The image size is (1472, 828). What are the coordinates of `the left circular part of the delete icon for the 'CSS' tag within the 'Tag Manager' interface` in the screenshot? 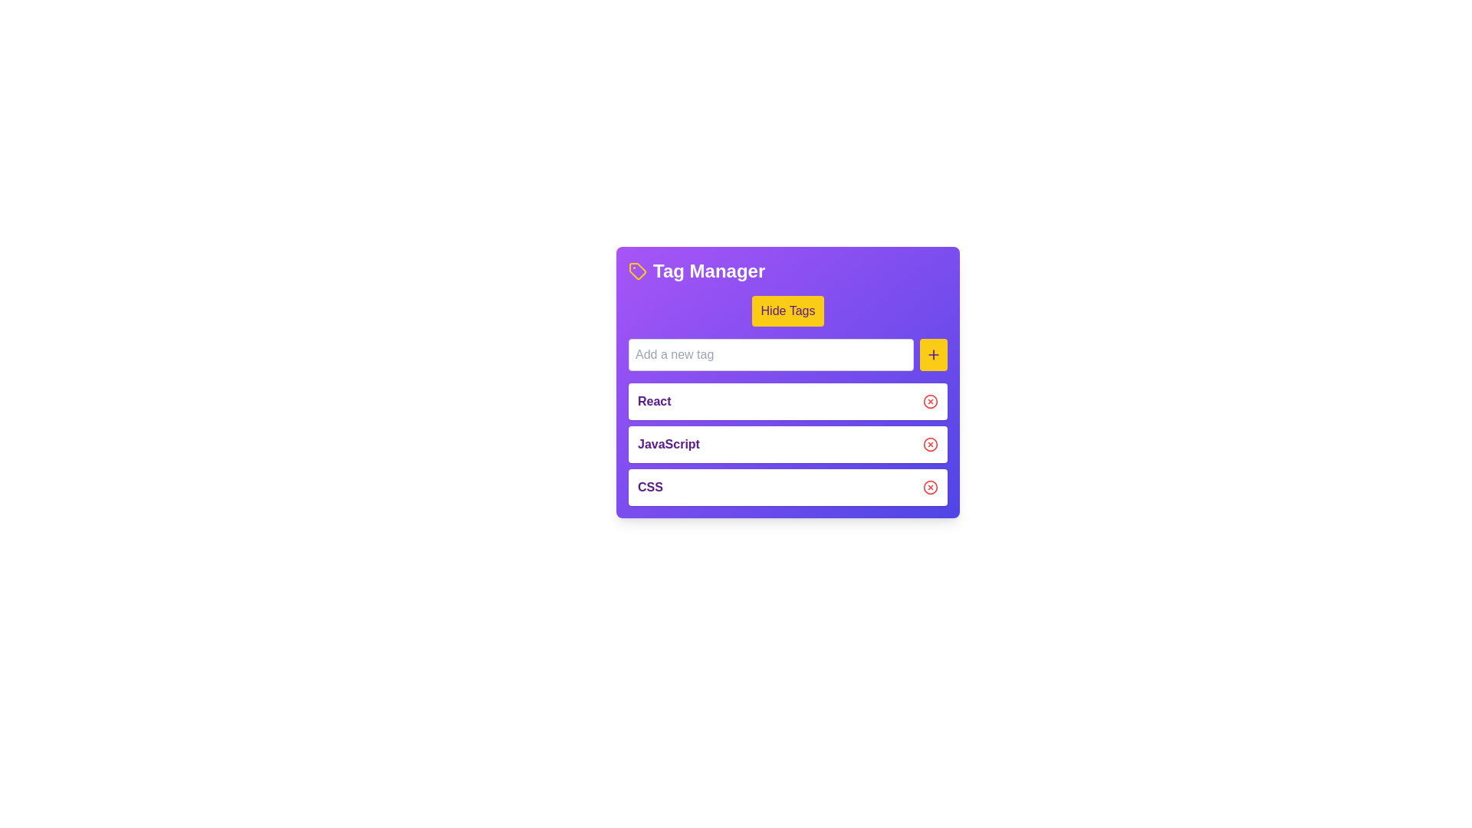 It's located at (930, 488).